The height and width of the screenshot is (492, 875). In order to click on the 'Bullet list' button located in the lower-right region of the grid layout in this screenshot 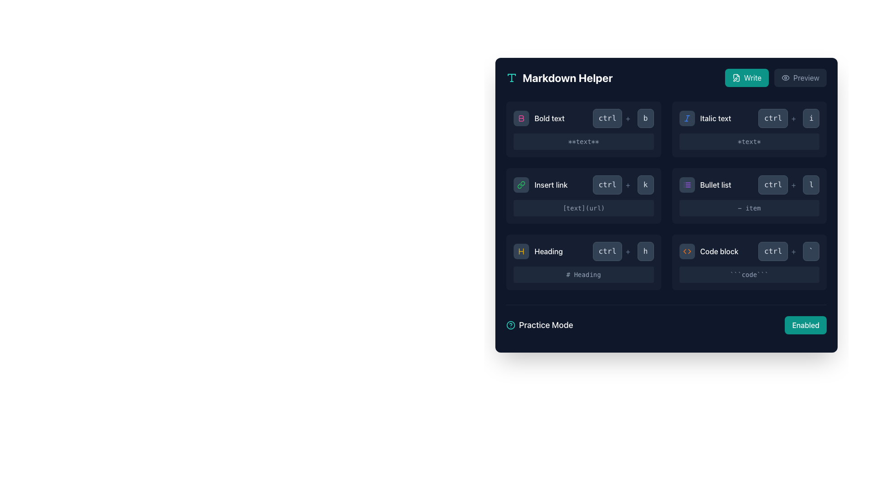, I will do `click(715, 184)`.